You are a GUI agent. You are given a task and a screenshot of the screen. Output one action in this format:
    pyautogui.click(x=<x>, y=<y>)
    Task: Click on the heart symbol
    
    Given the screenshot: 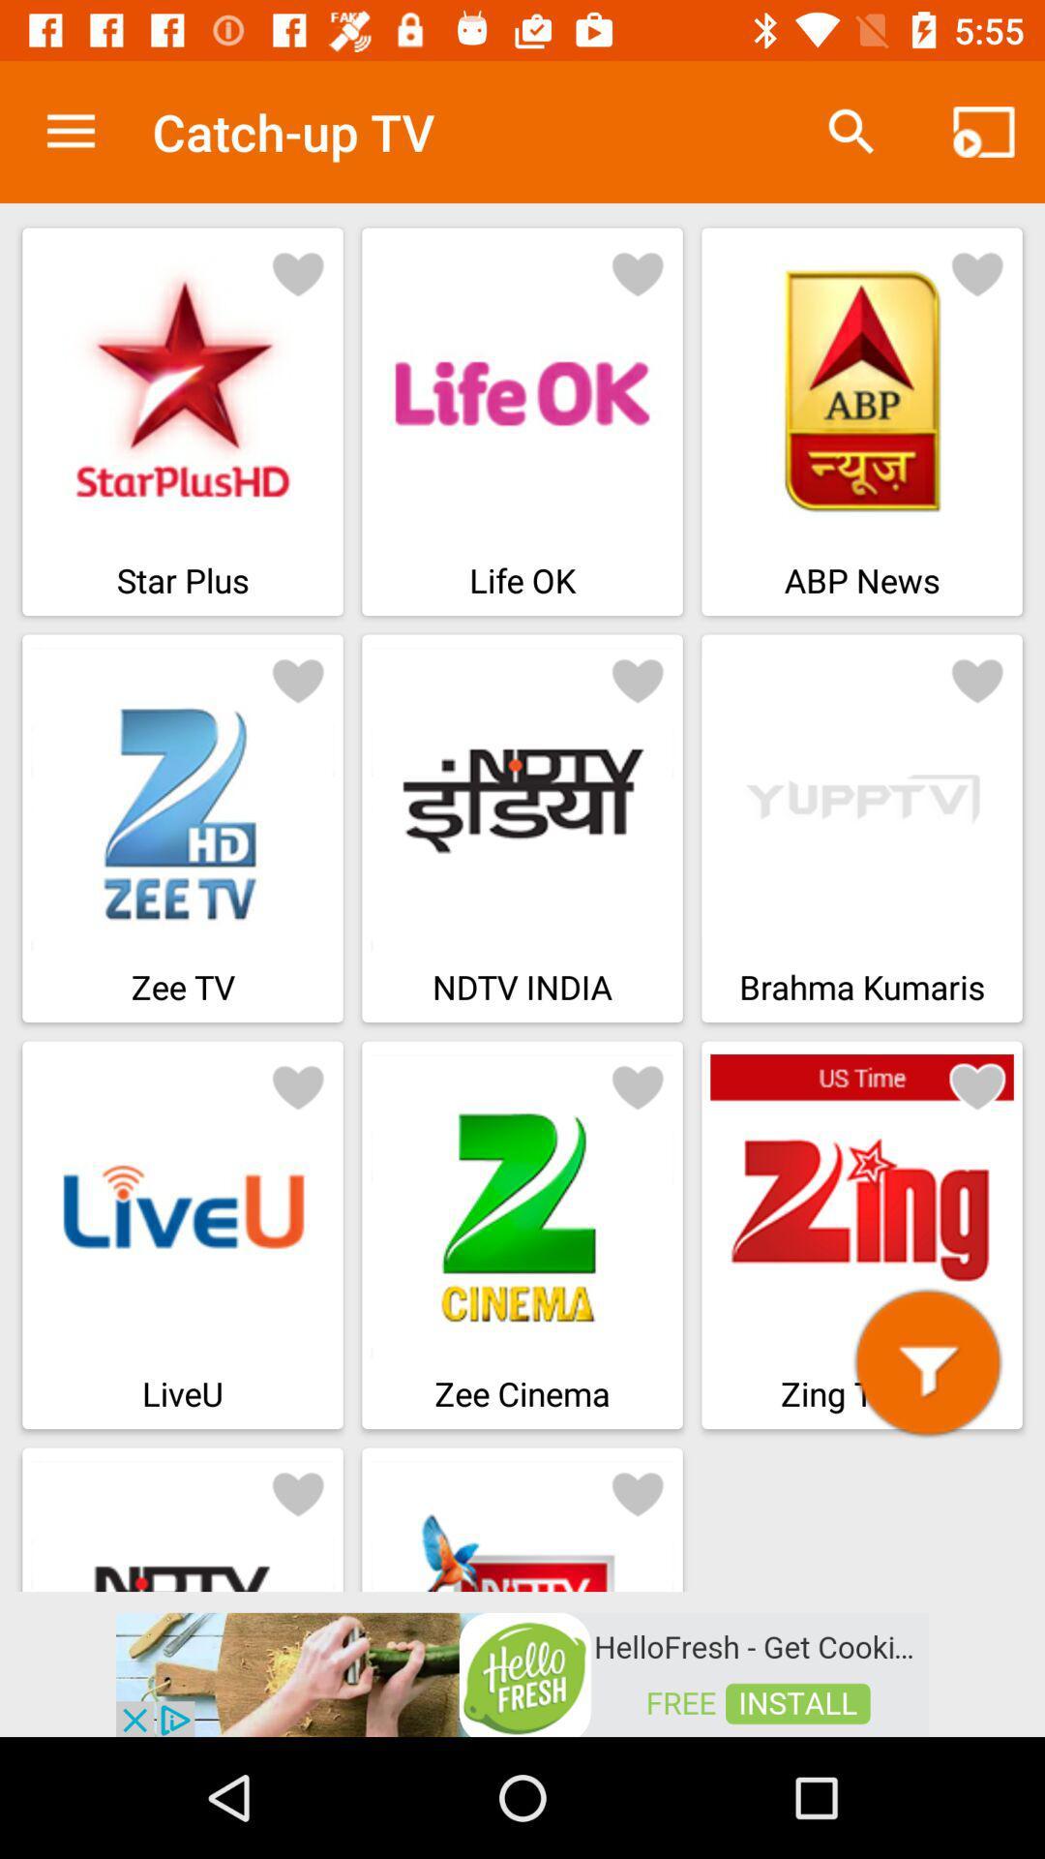 What is the action you would take?
    pyautogui.click(x=298, y=272)
    